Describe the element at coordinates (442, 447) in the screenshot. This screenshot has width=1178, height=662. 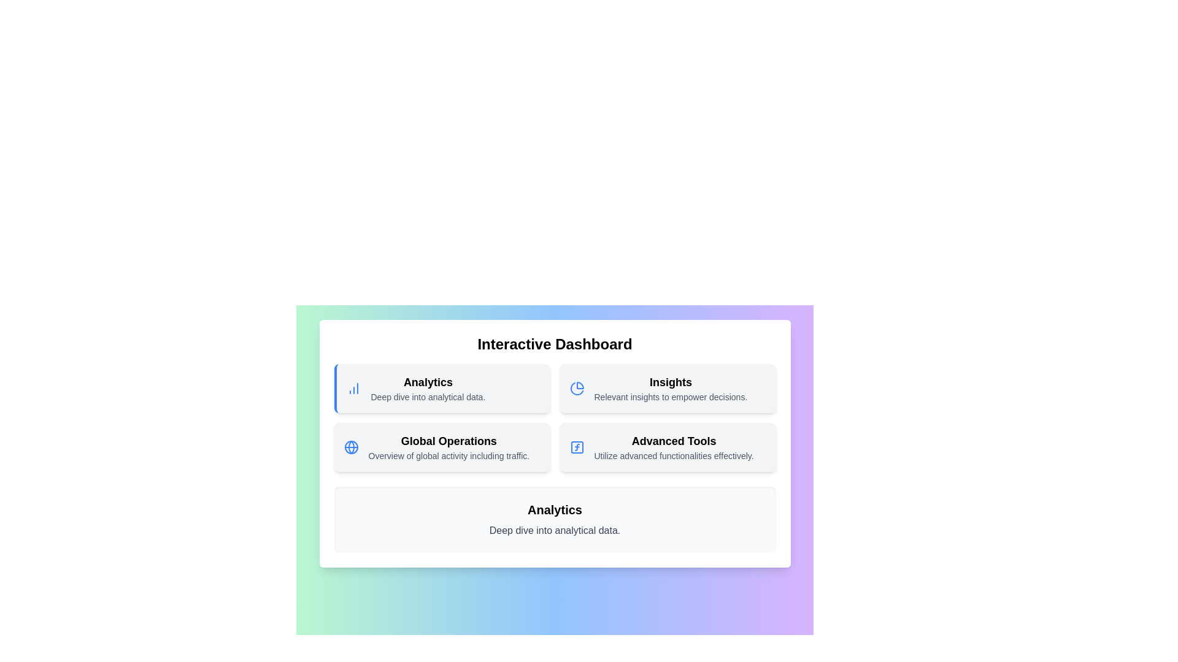
I see `the menu item corresponding to Global Operations` at that location.